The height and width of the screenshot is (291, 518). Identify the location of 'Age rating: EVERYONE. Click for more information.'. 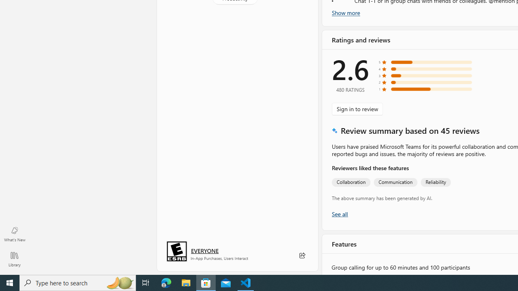
(205, 250).